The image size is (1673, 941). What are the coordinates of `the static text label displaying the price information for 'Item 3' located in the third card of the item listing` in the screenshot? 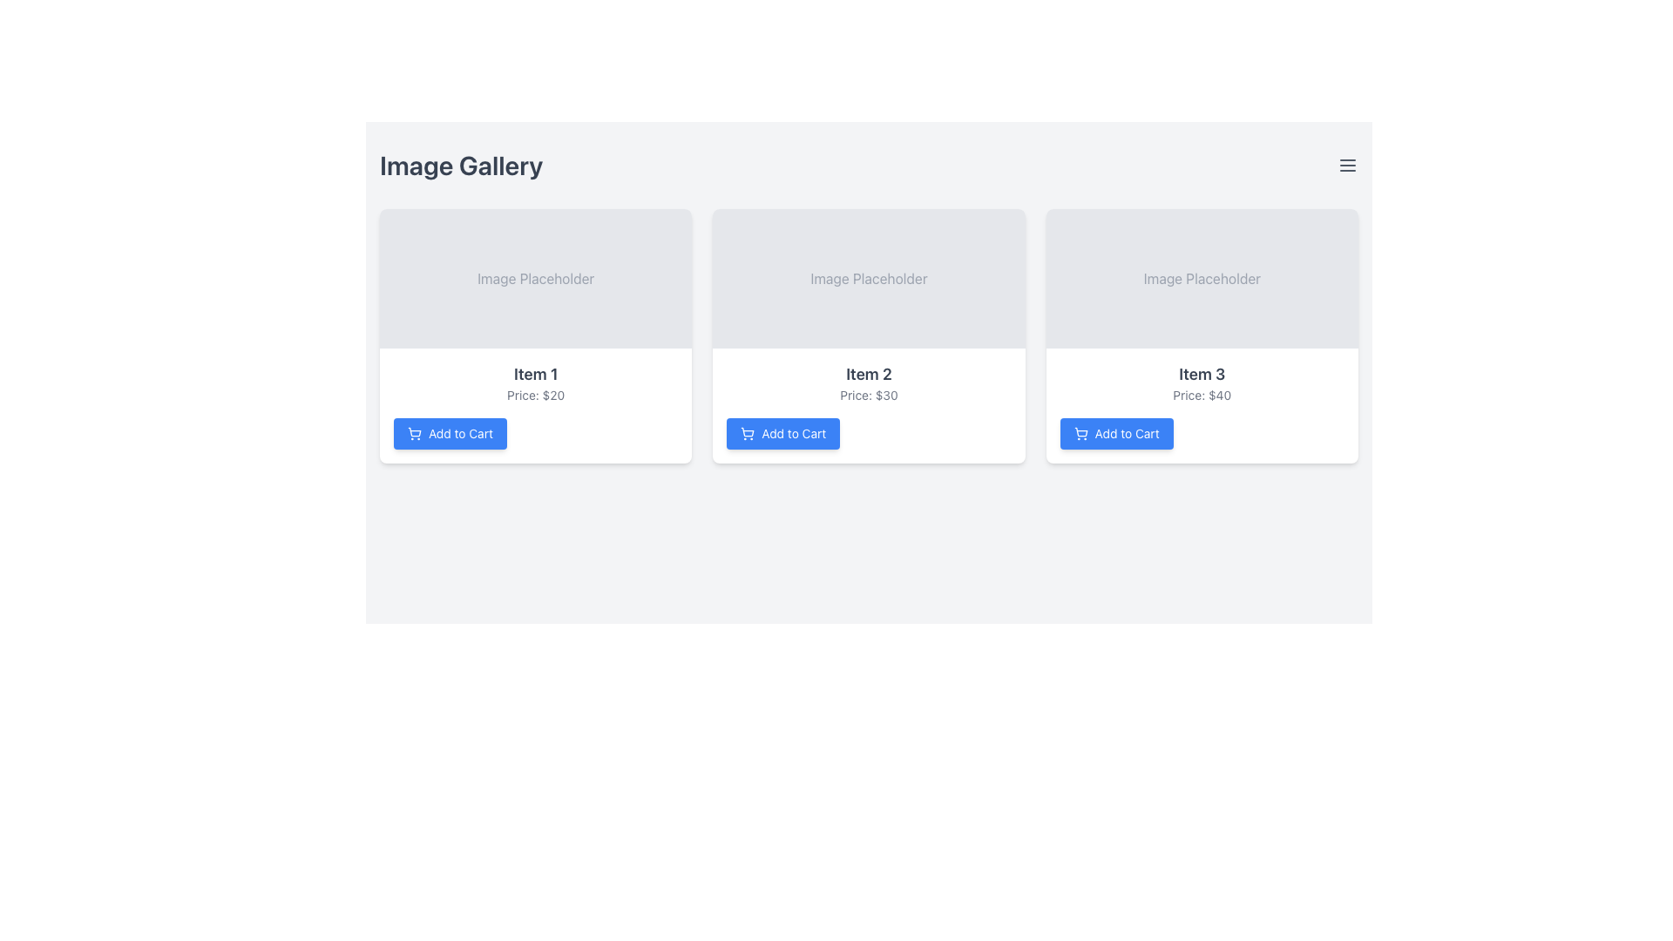 It's located at (1201, 396).